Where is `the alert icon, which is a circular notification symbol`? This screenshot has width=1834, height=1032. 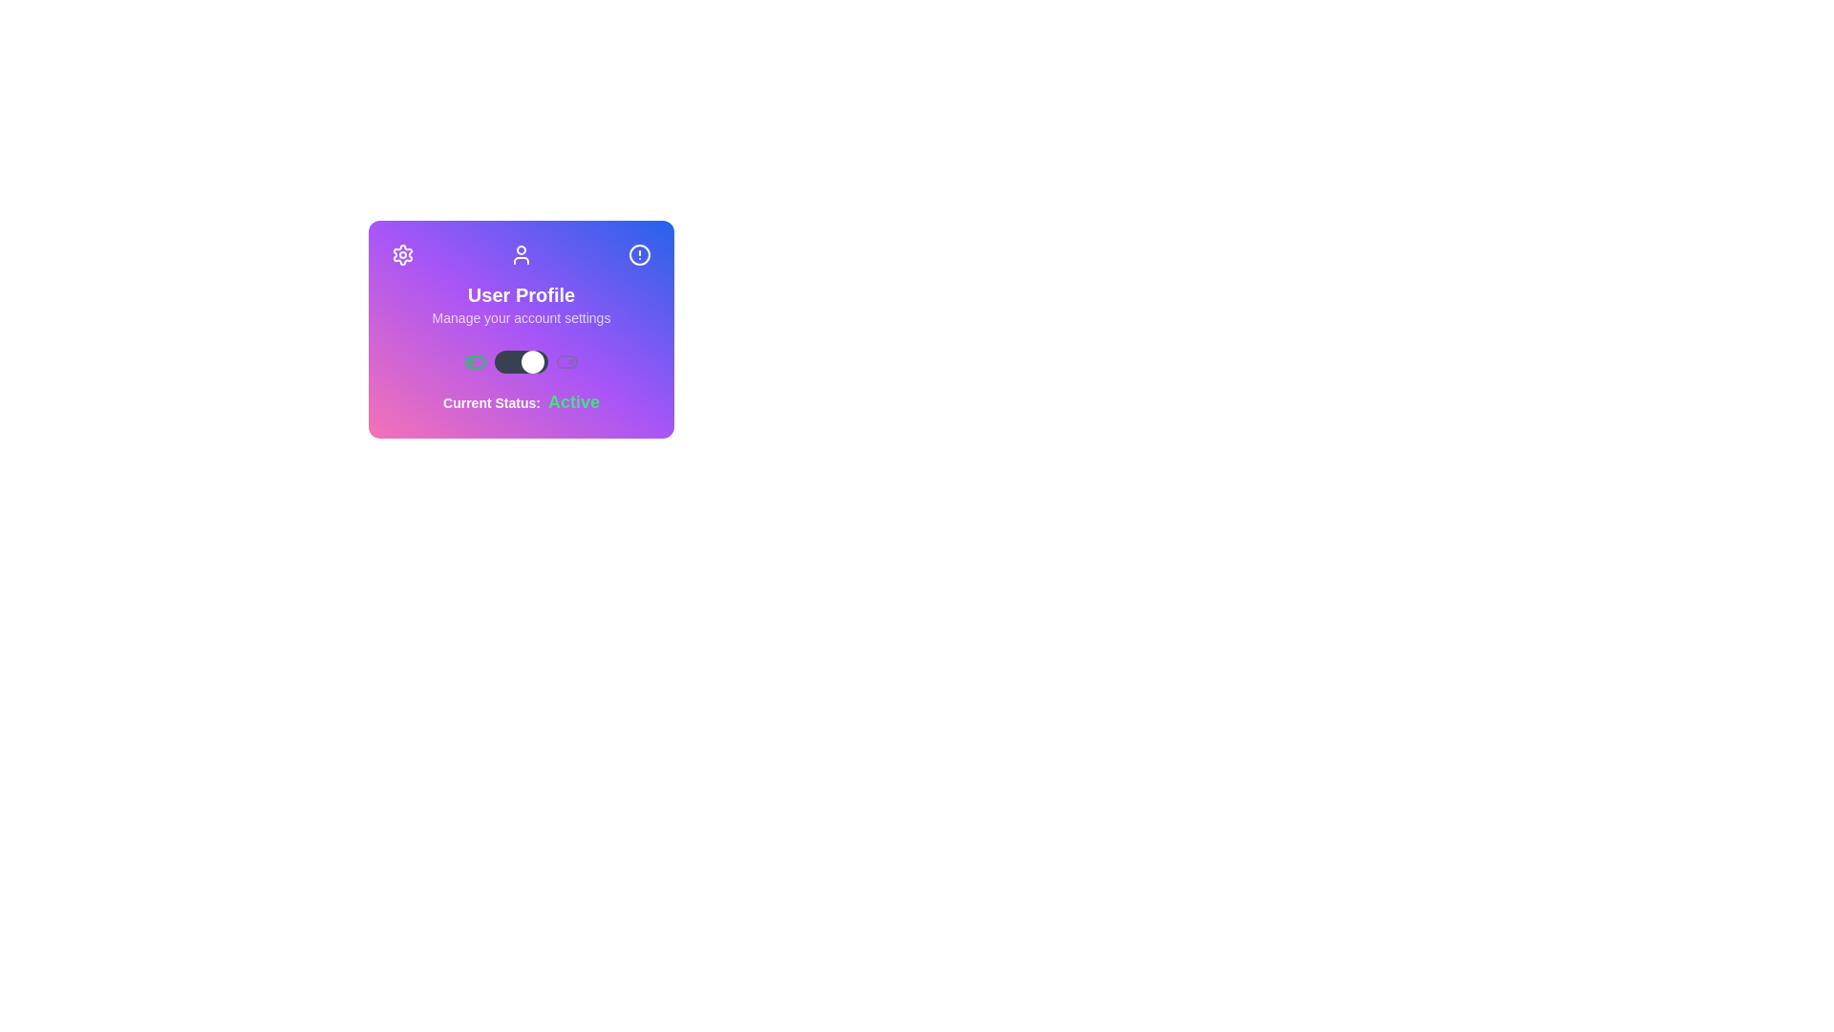 the alert icon, which is a circular notification symbol is located at coordinates (640, 253).